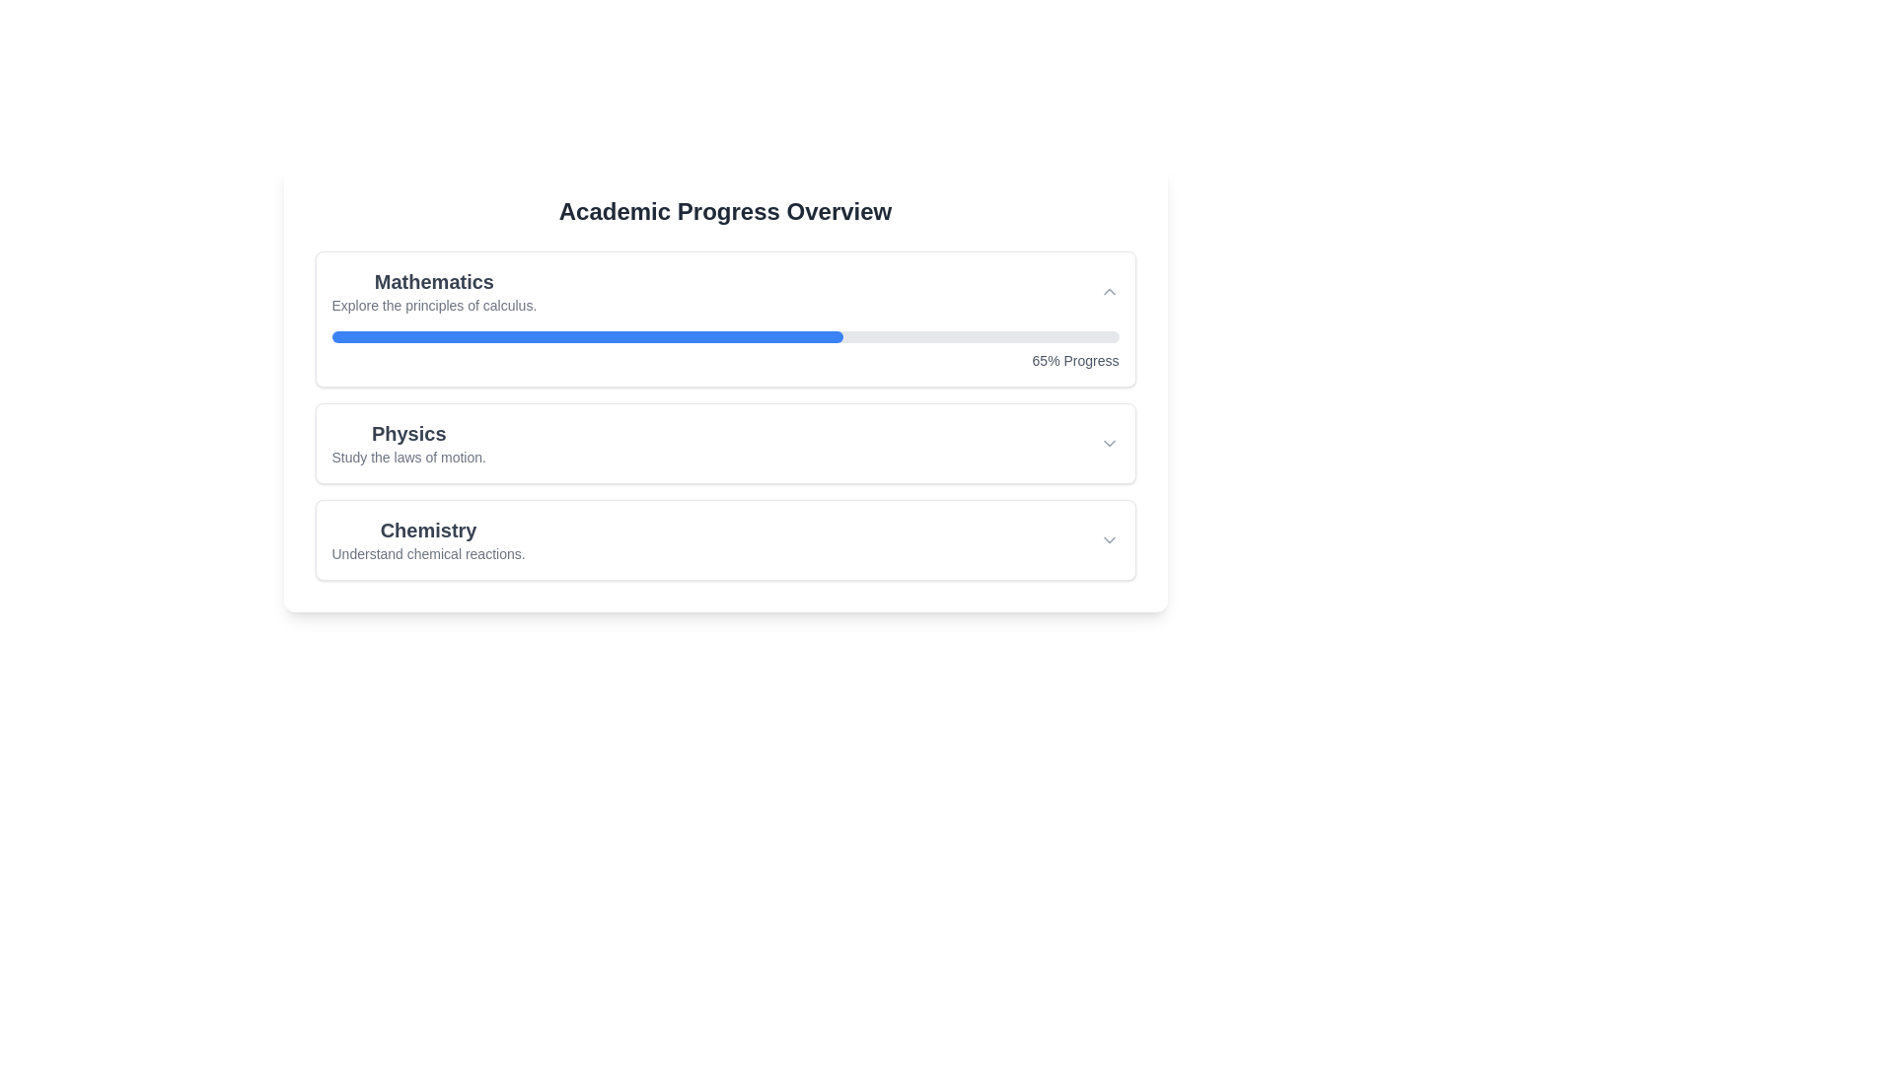  What do you see at coordinates (427, 529) in the screenshot?
I see `the text label or heading identifying the content related to 'Chemistry', which is the primary heading of the third section in a vertical list of labeled content areas` at bounding box center [427, 529].